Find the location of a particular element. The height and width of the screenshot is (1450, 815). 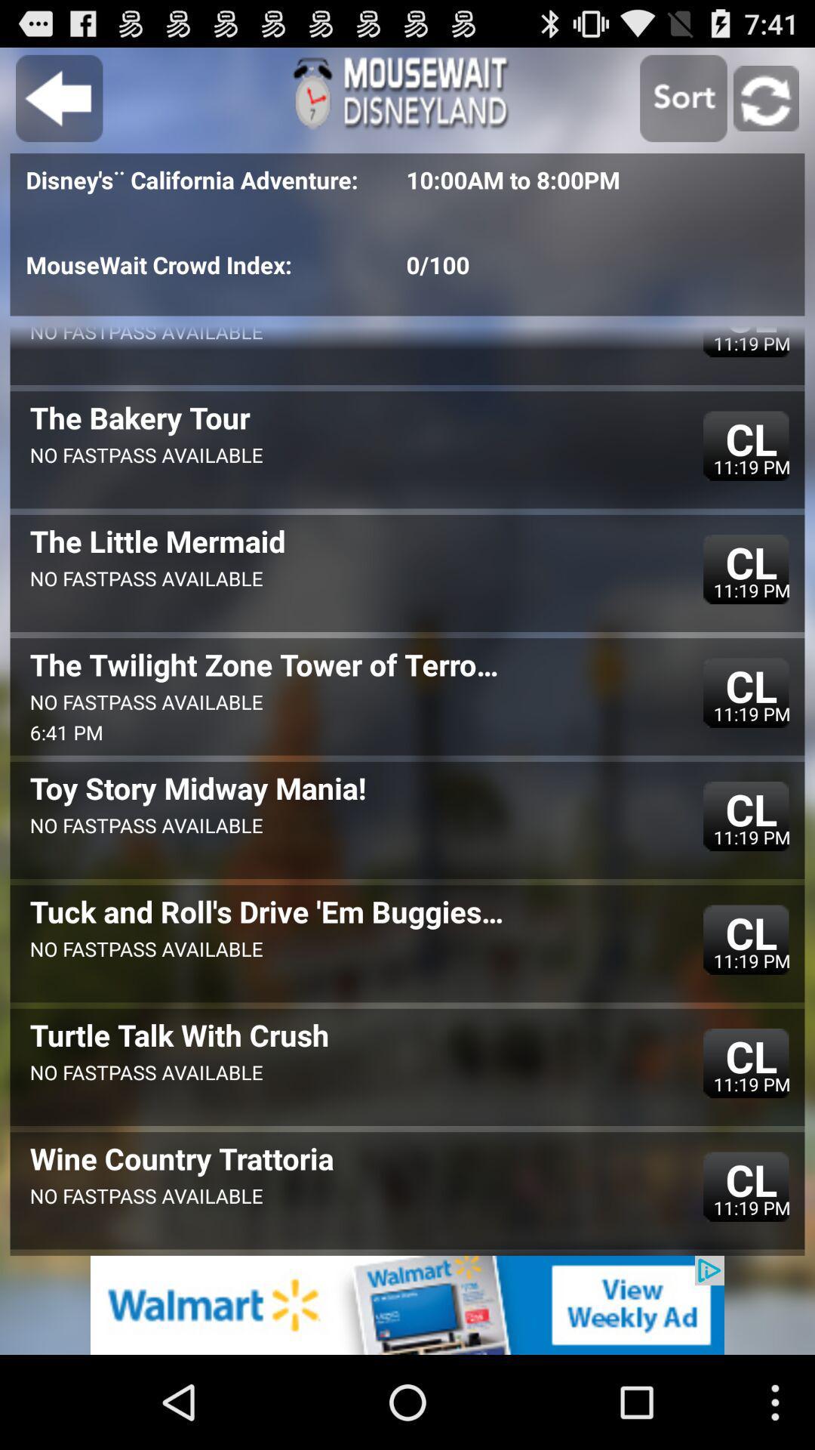

the arrow_backward icon is located at coordinates (58, 104).